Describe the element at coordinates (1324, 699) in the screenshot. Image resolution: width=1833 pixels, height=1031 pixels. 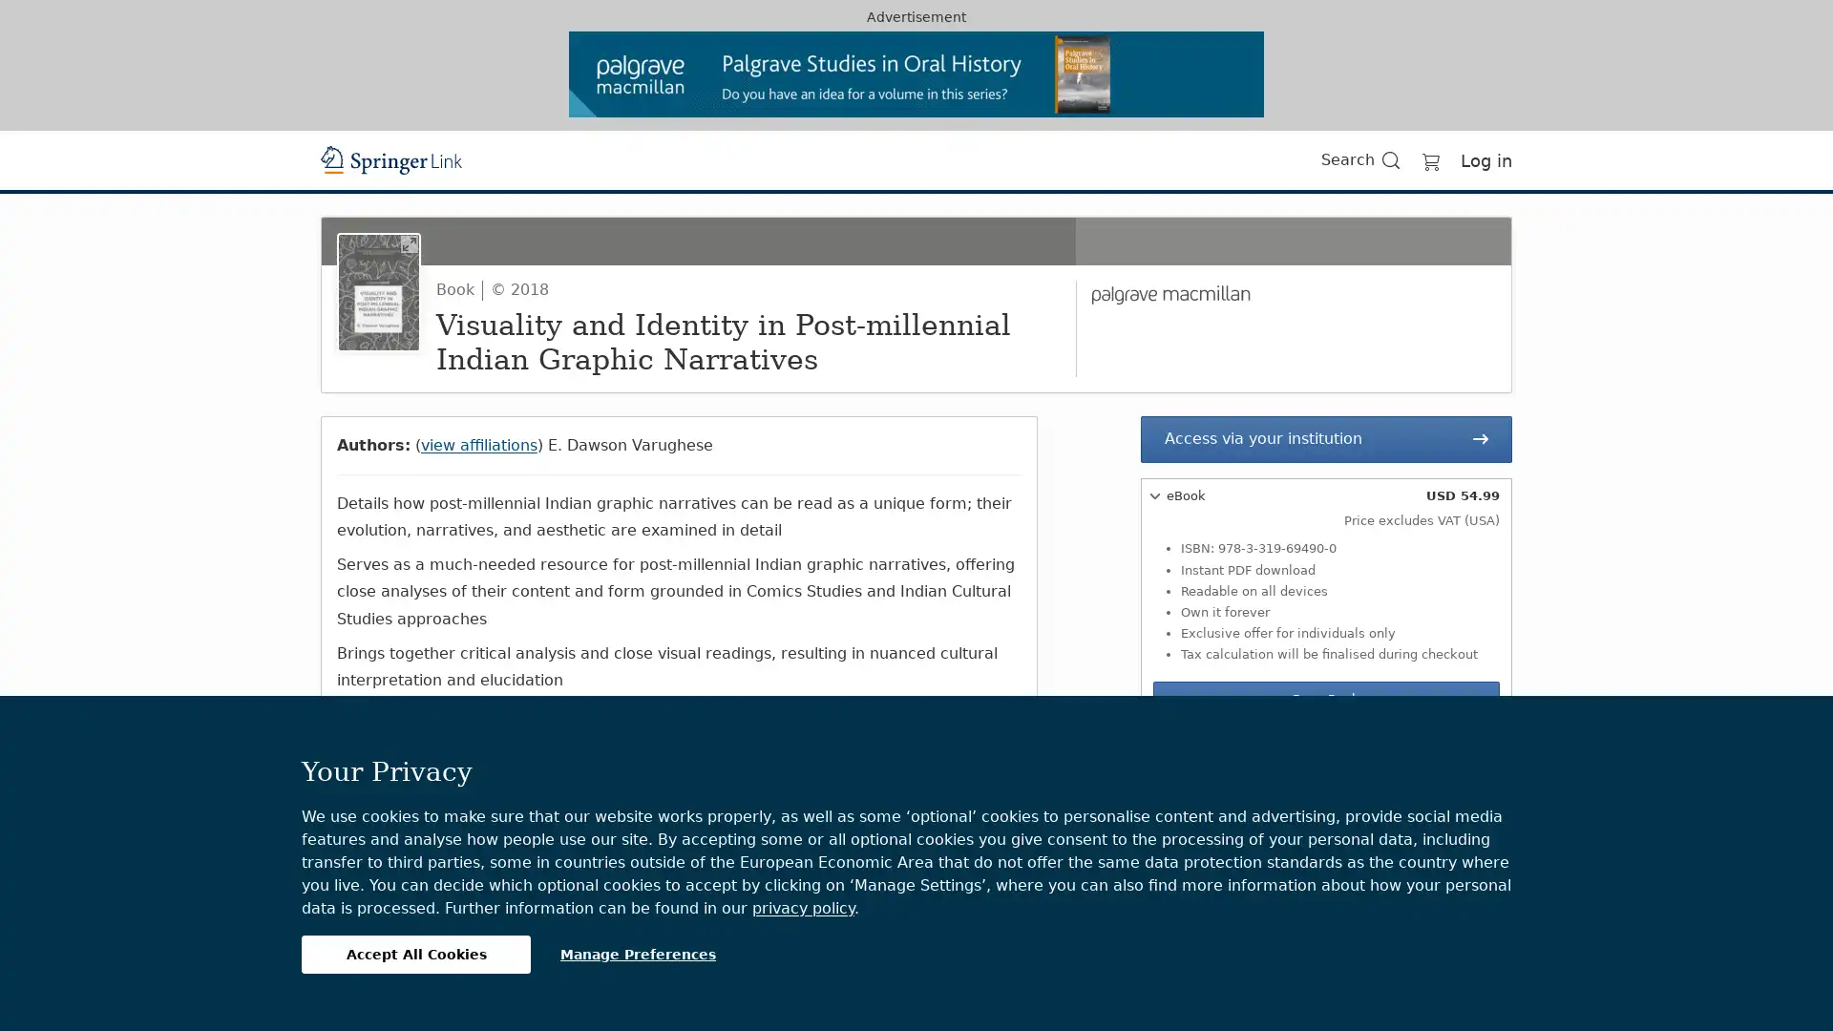
I see `Buy eBook` at that location.